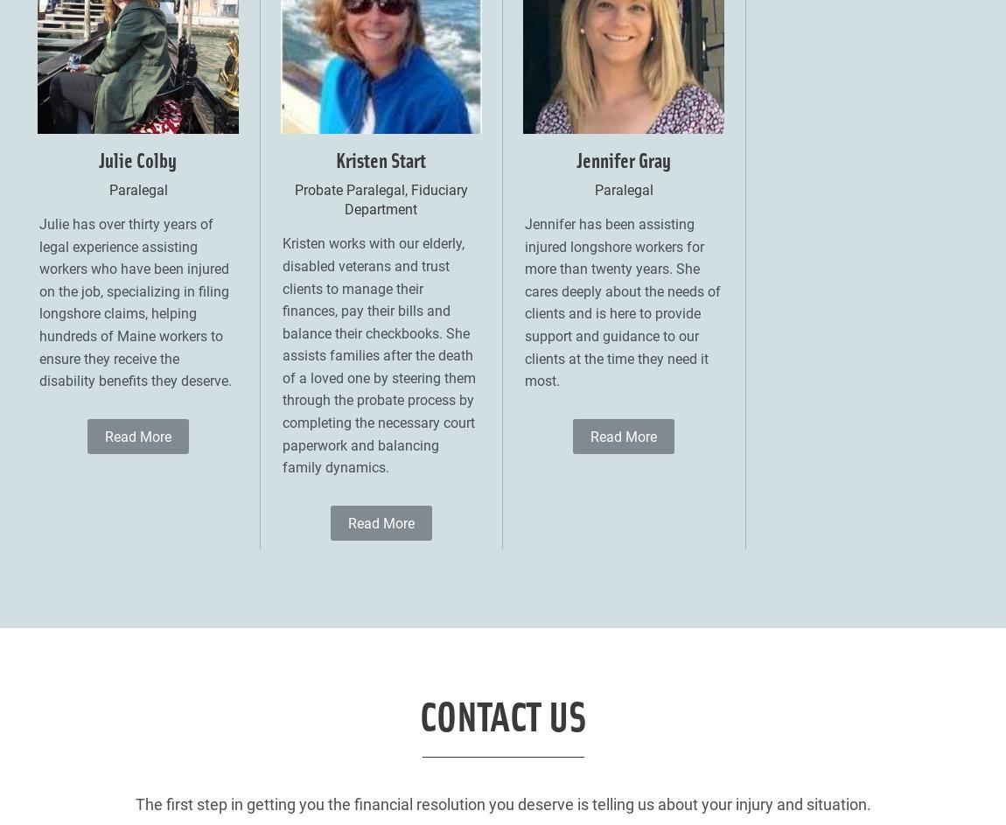 Image resolution: width=1006 pixels, height=825 pixels. What do you see at coordinates (335, 157) in the screenshot?
I see `'Kristen Start'` at bounding box center [335, 157].